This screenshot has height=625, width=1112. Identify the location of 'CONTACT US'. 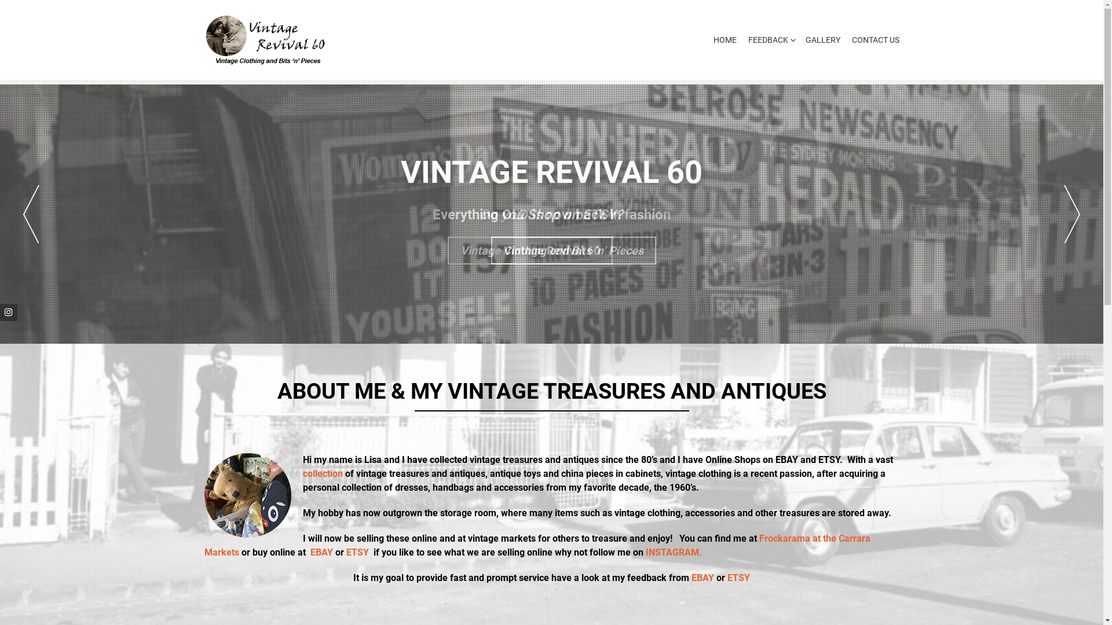
(872, 39).